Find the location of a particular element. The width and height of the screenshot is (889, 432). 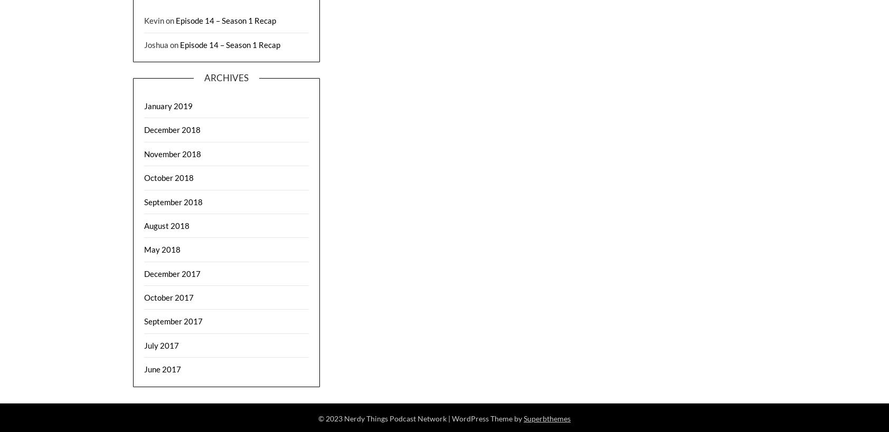

'December 2018' is located at coordinates (172, 129).